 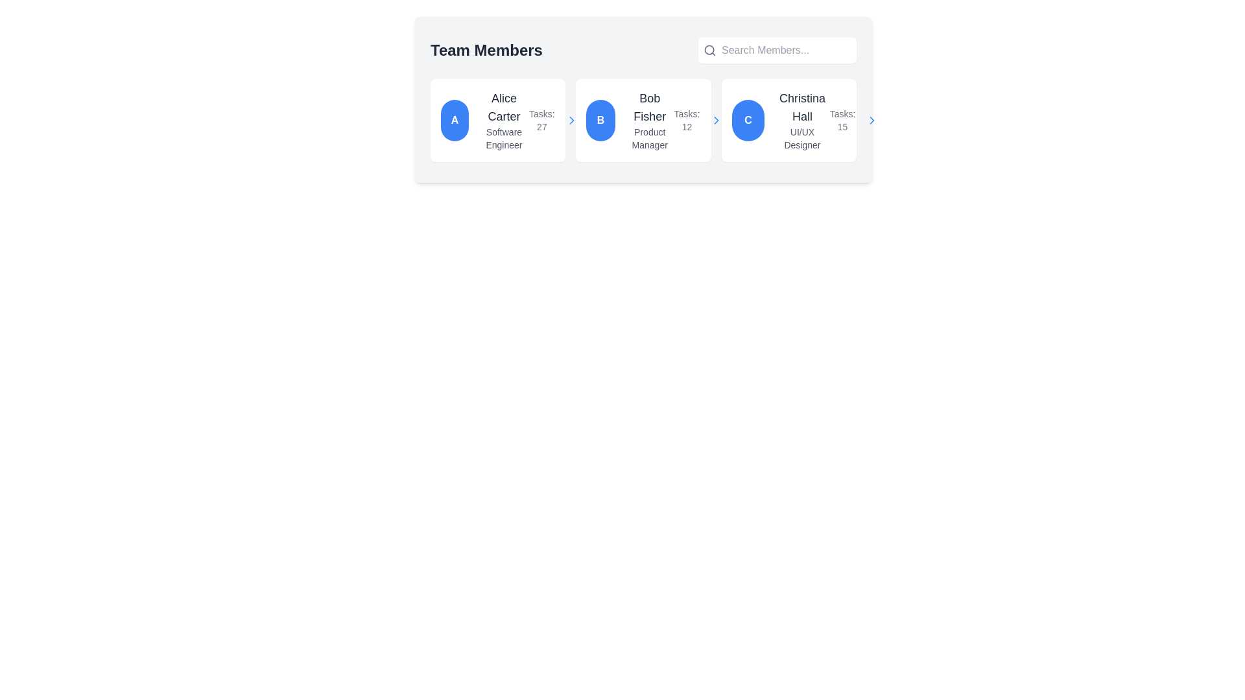 What do you see at coordinates (571, 120) in the screenshot?
I see `the navigation icon located in the right portion of the team member card section for Christina Hall` at bounding box center [571, 120].